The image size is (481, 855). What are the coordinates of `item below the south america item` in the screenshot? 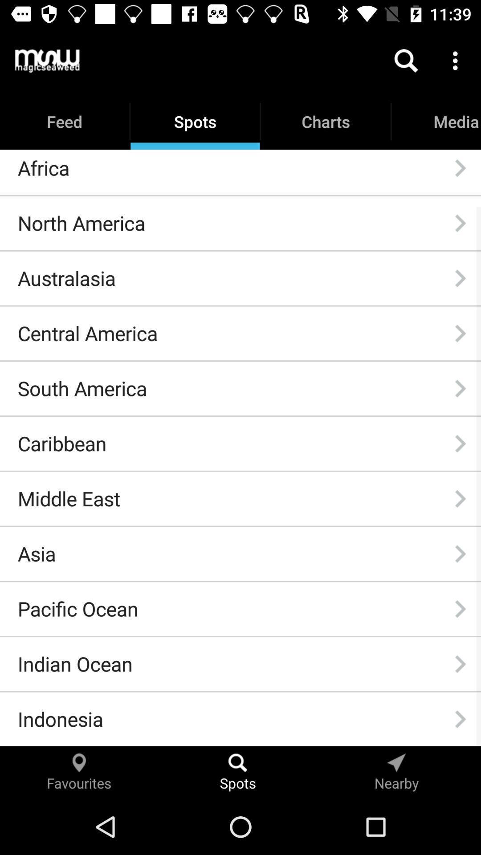 It's located at (61, 444).